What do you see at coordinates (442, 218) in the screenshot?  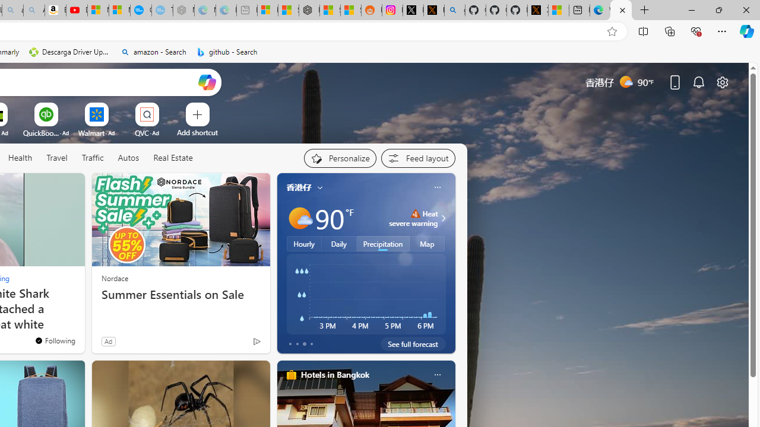 I see `'Class: weather-arrow-glyph'` at bounding box center [442, 218].